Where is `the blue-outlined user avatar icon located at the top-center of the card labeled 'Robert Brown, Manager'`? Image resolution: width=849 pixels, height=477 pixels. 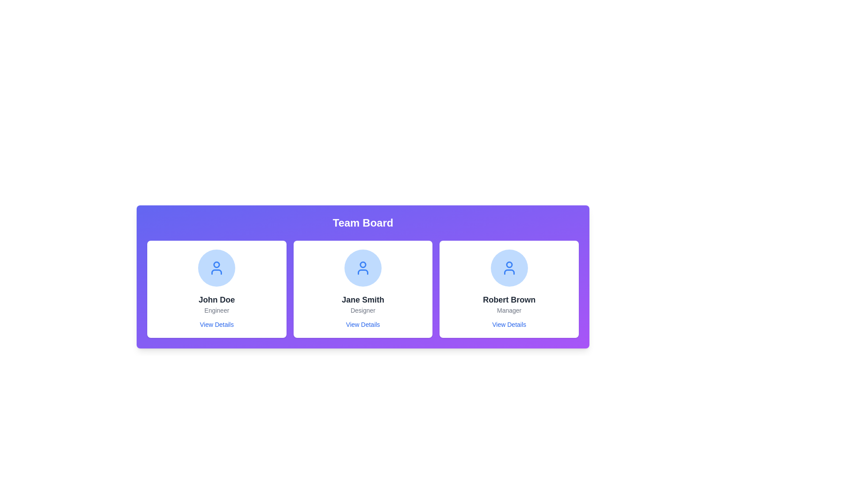
the blue-outlined user avatar icon located at the top-center of the card labeled 'Robert Brown, Manager' is located at coordinates (509, 267).